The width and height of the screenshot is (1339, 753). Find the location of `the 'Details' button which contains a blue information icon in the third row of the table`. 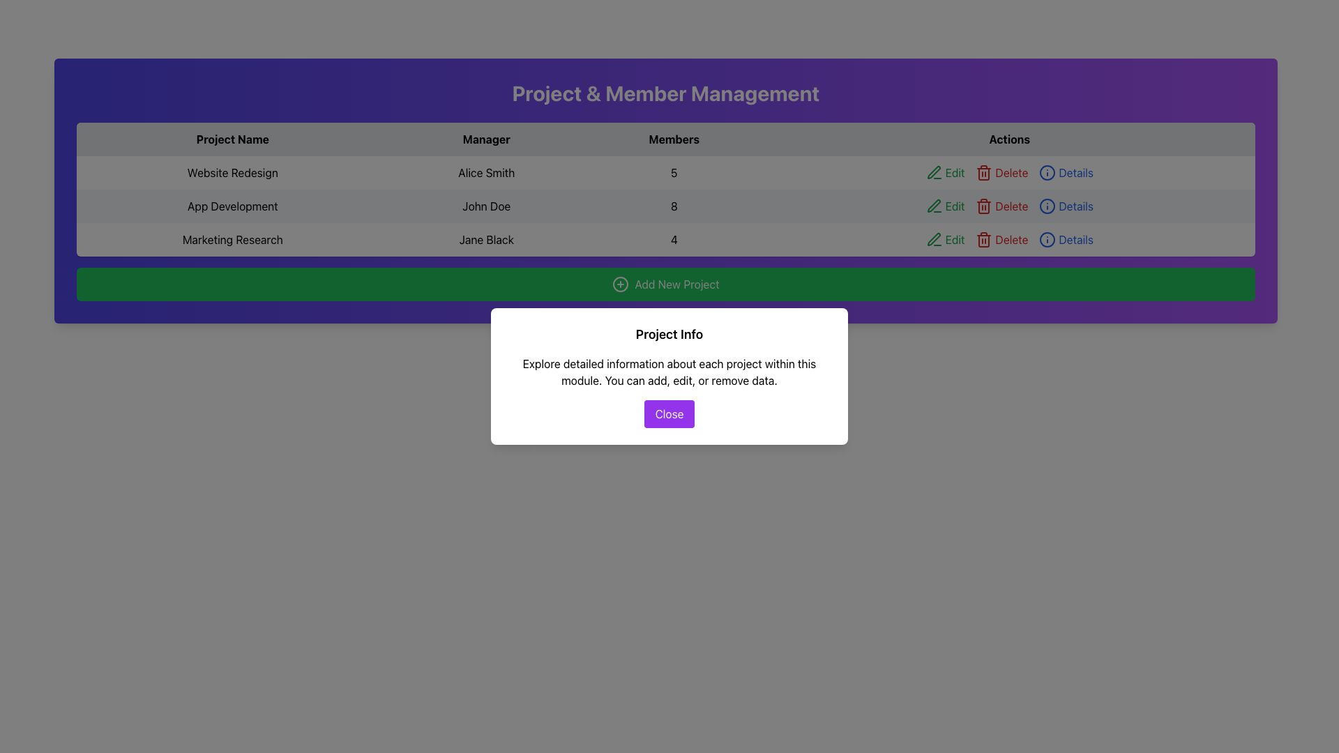

the 'Details' button which contains a blue information icon in the third row of the table is located at coordinates (1047, 206).